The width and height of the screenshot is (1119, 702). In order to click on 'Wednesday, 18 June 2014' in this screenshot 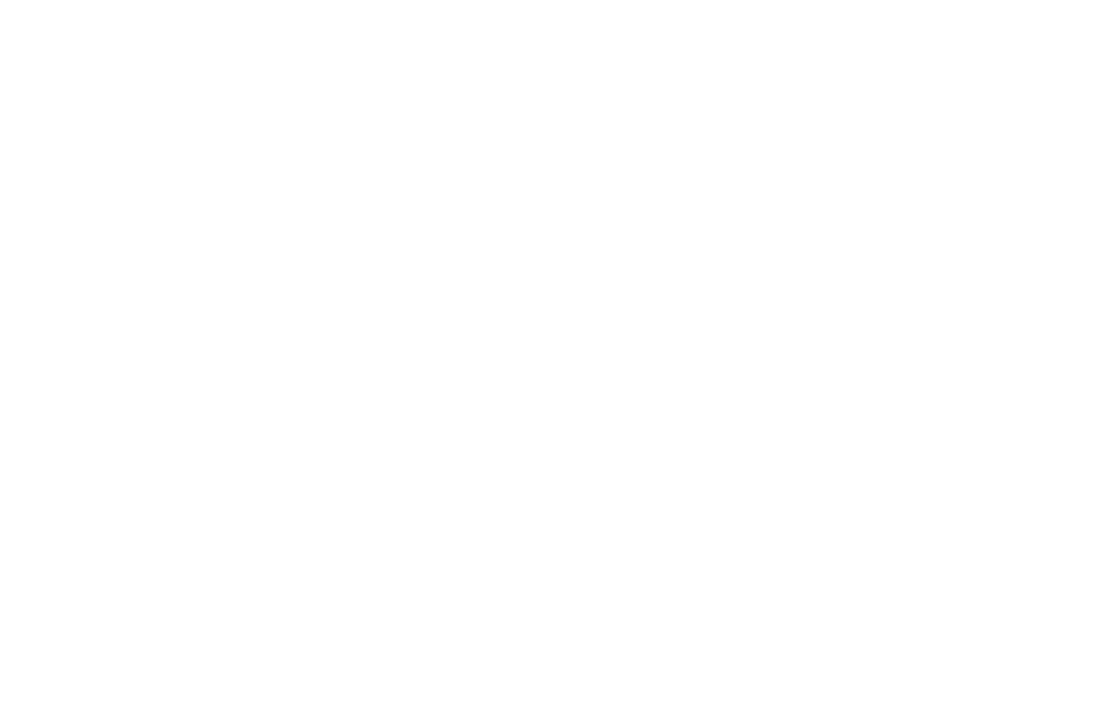, I will do `click(201, 127)`.